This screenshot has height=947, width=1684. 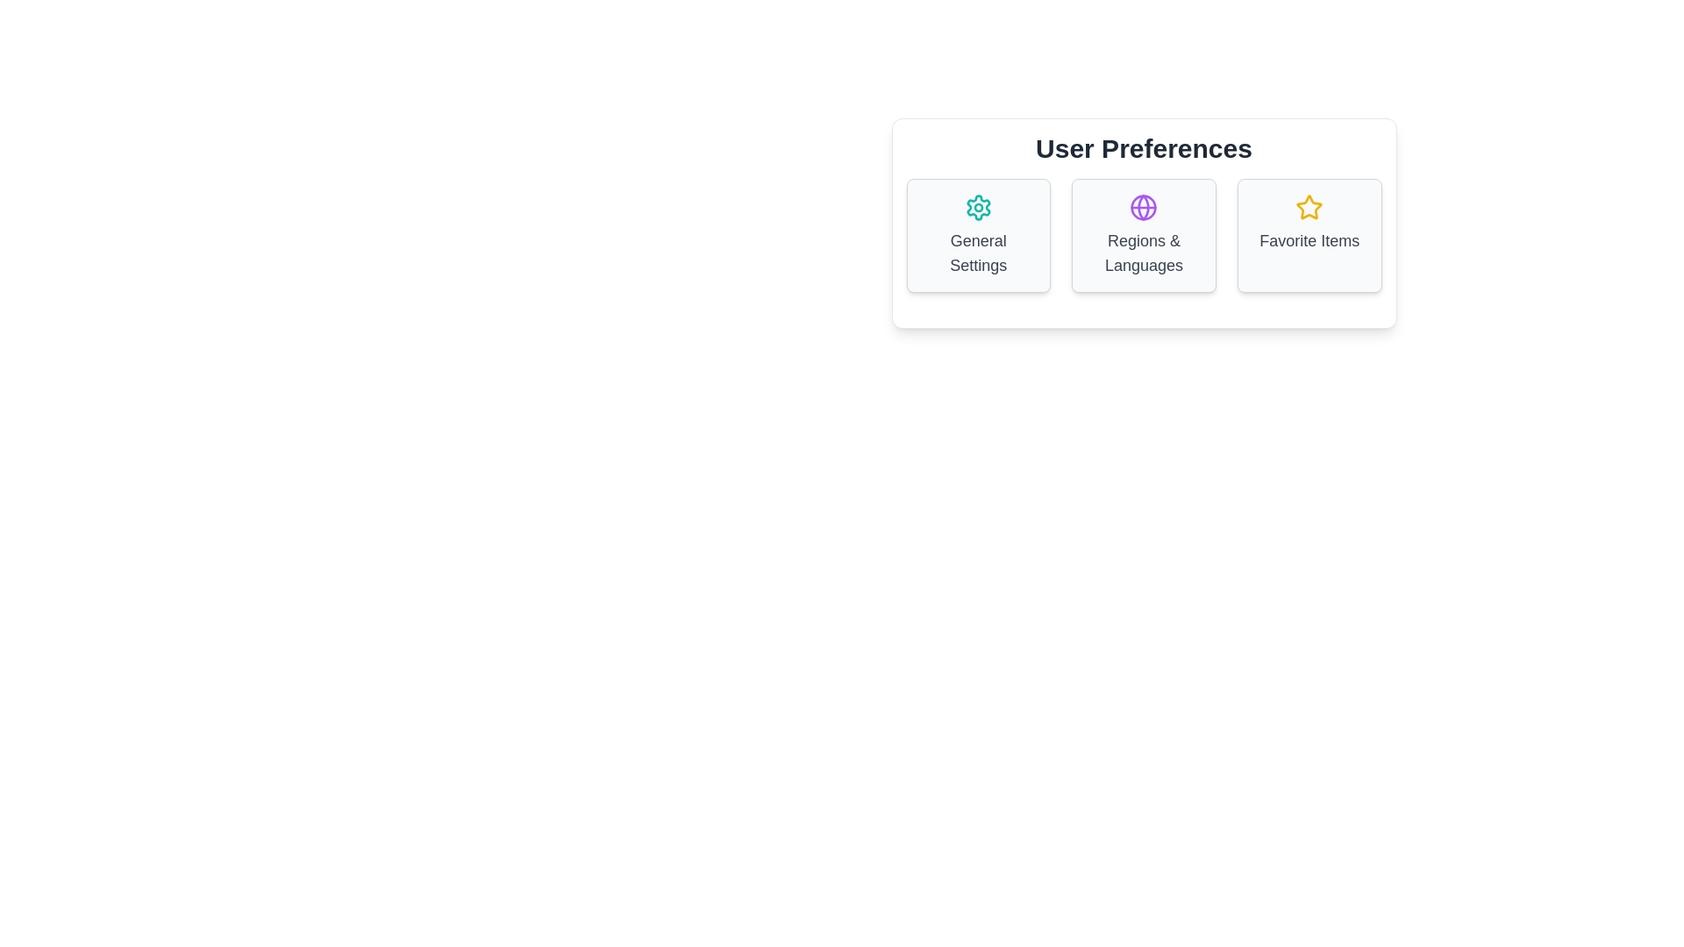 What do you see at coordinates (977, 235) in the screenshot?
I see `the button labeled 'General Settings' to observe its hover effect` at bounding box center [977, 235].